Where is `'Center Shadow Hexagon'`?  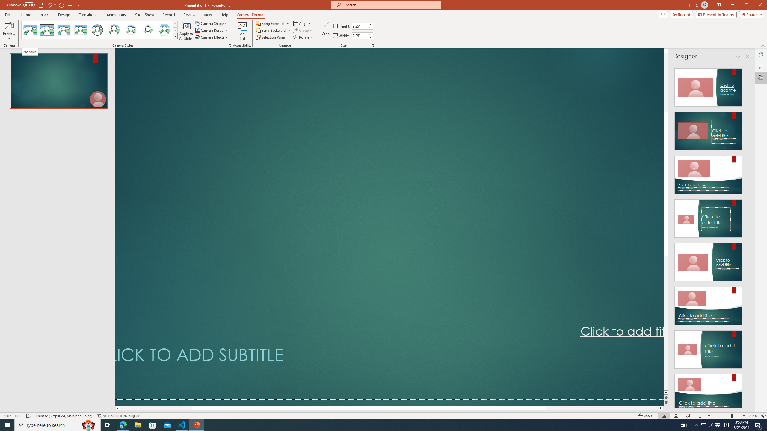
'Center Shadow Hexagon' is located at coordinates (164, 30).